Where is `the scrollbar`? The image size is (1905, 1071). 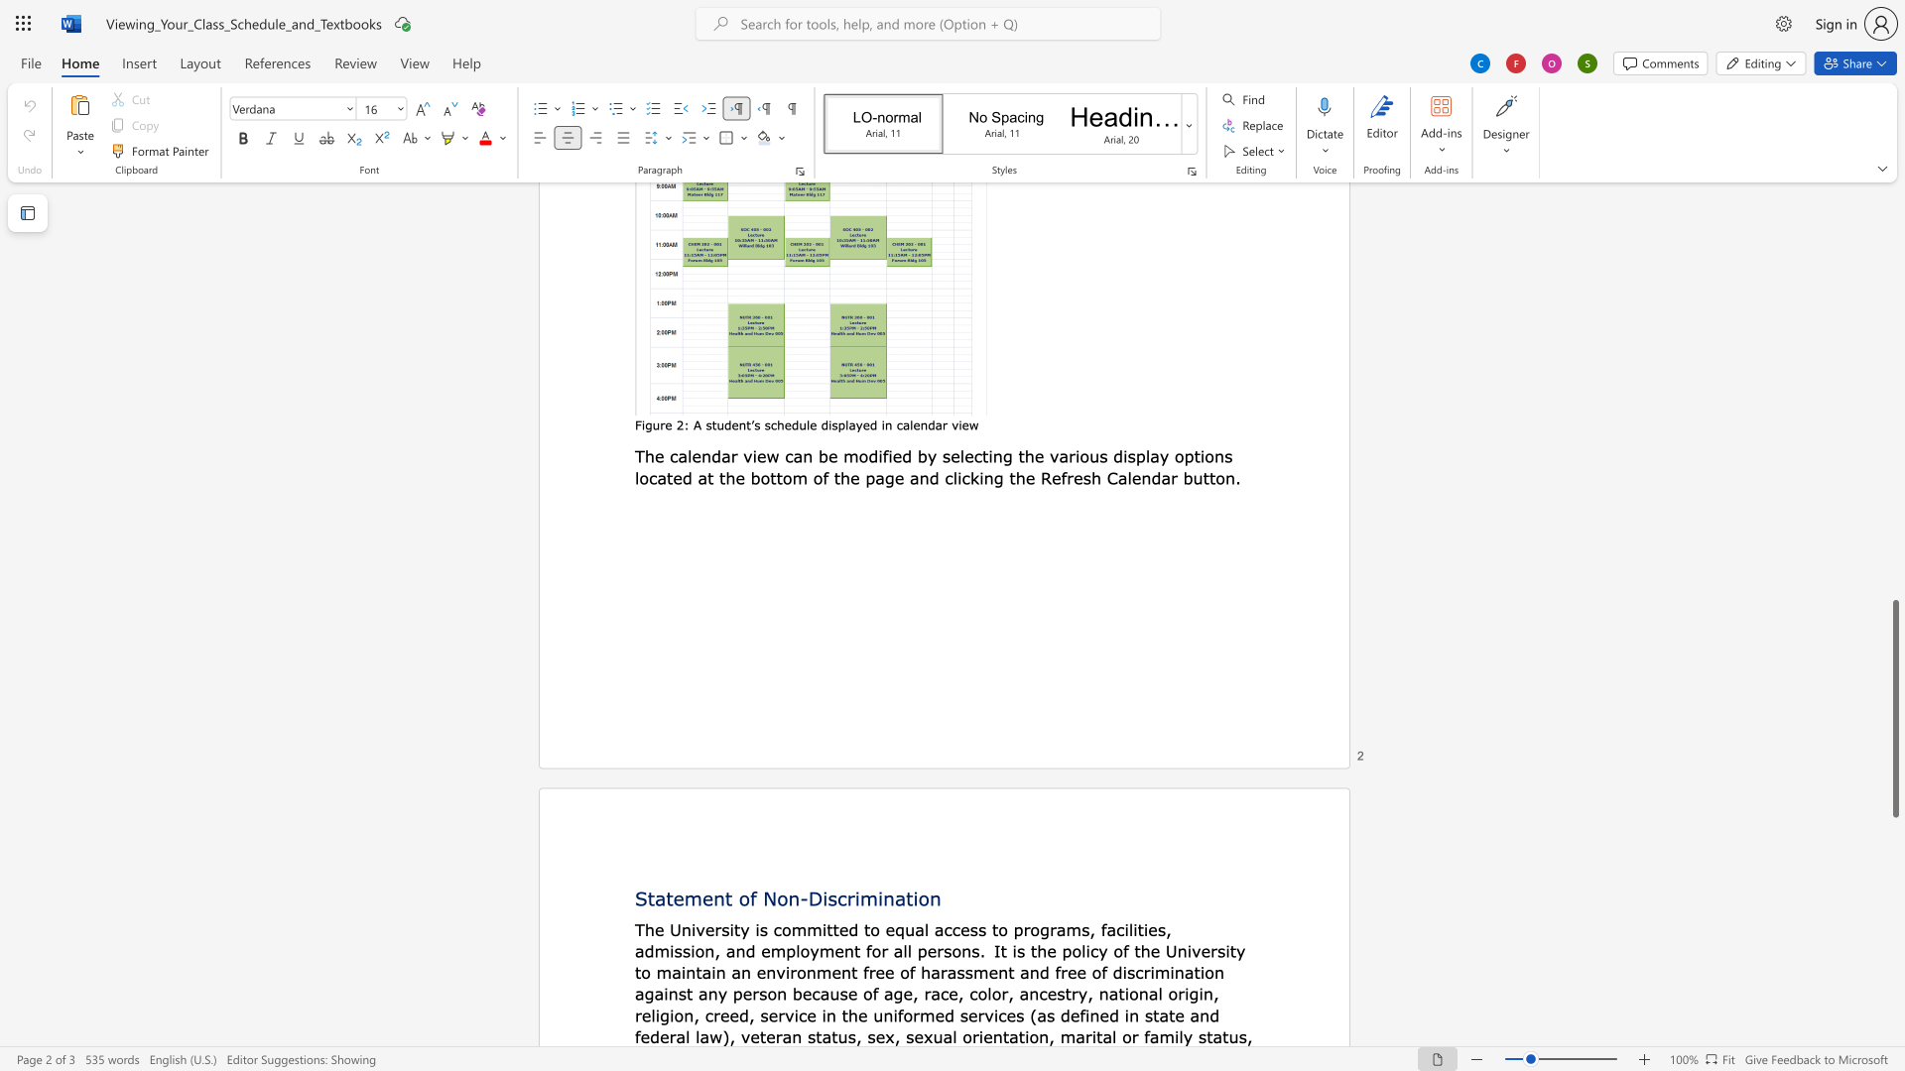
the scrollbar is located at coordinates (1894, 227).